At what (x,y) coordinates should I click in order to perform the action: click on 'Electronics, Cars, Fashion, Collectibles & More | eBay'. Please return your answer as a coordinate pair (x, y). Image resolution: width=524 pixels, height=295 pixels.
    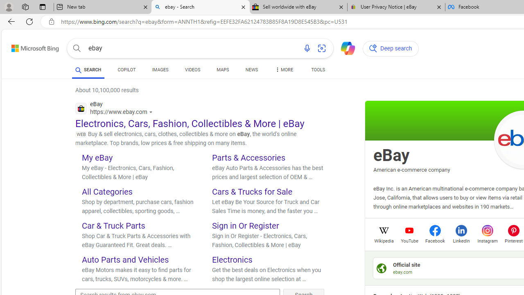
    Looking at the image, I should click on (190, 123).